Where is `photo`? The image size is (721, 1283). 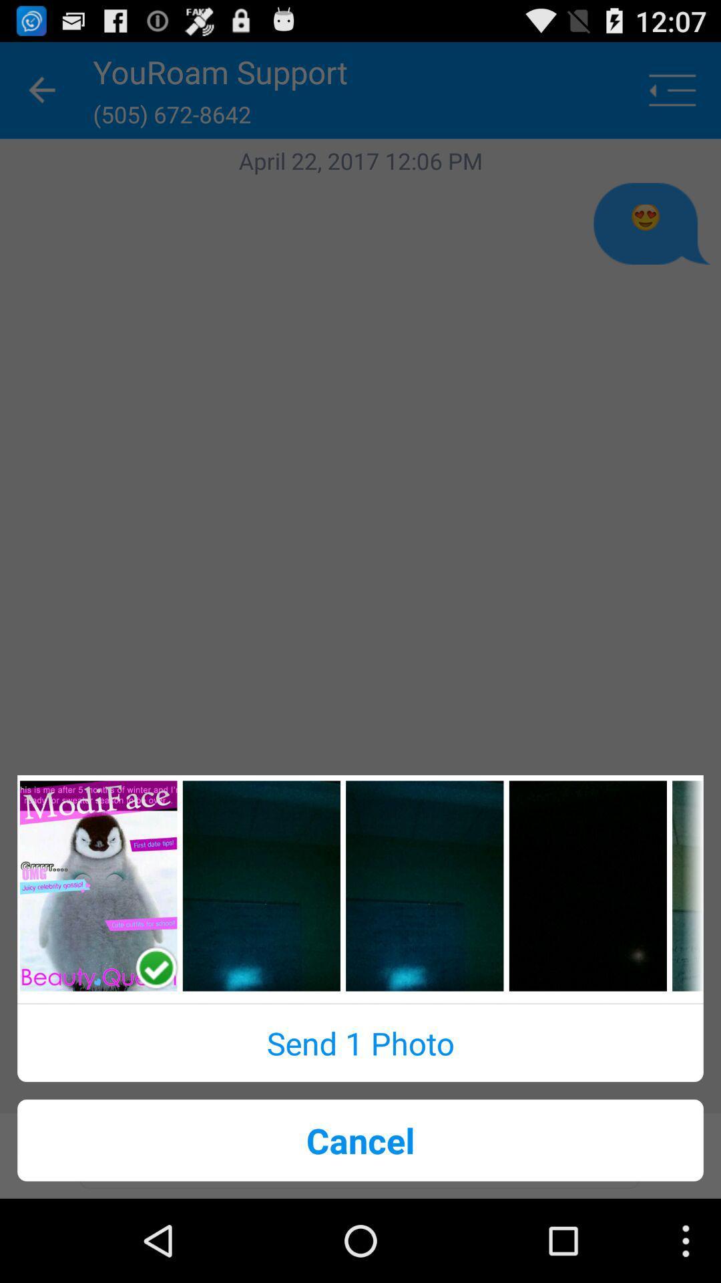
photo is located at coordinates (587, 885).